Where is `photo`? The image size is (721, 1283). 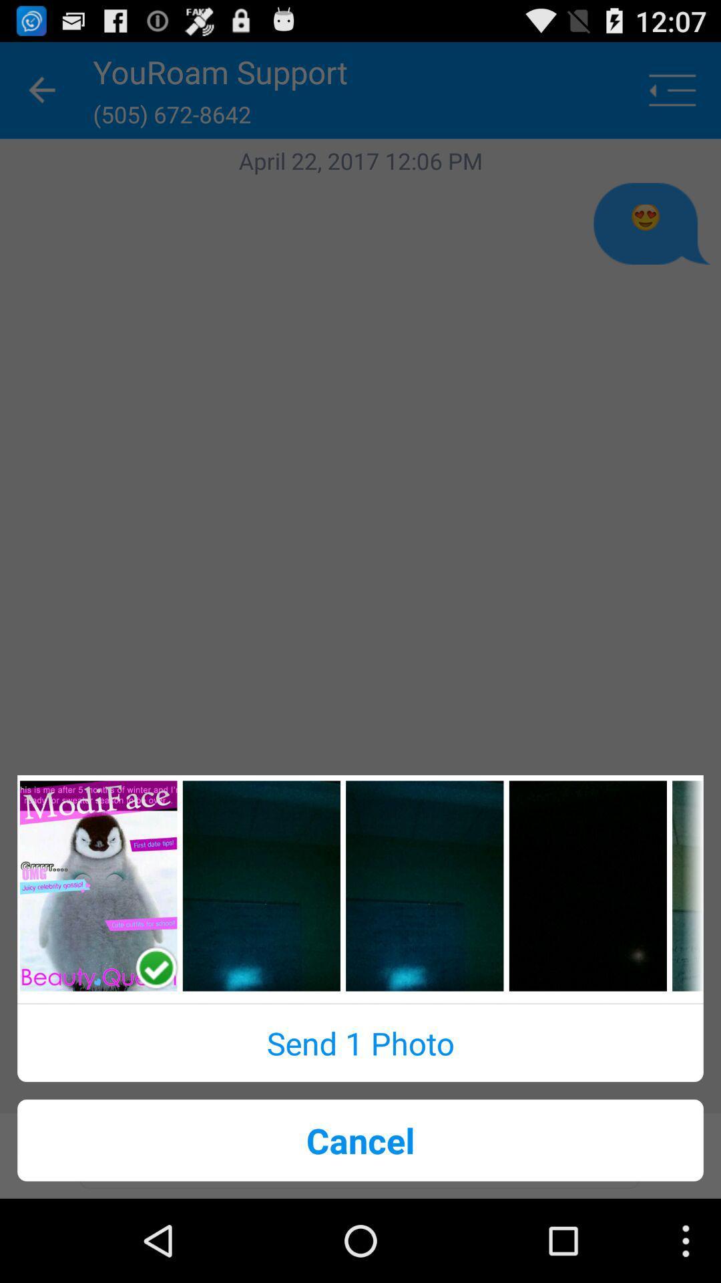
photo is located at coordinates (587, 885).